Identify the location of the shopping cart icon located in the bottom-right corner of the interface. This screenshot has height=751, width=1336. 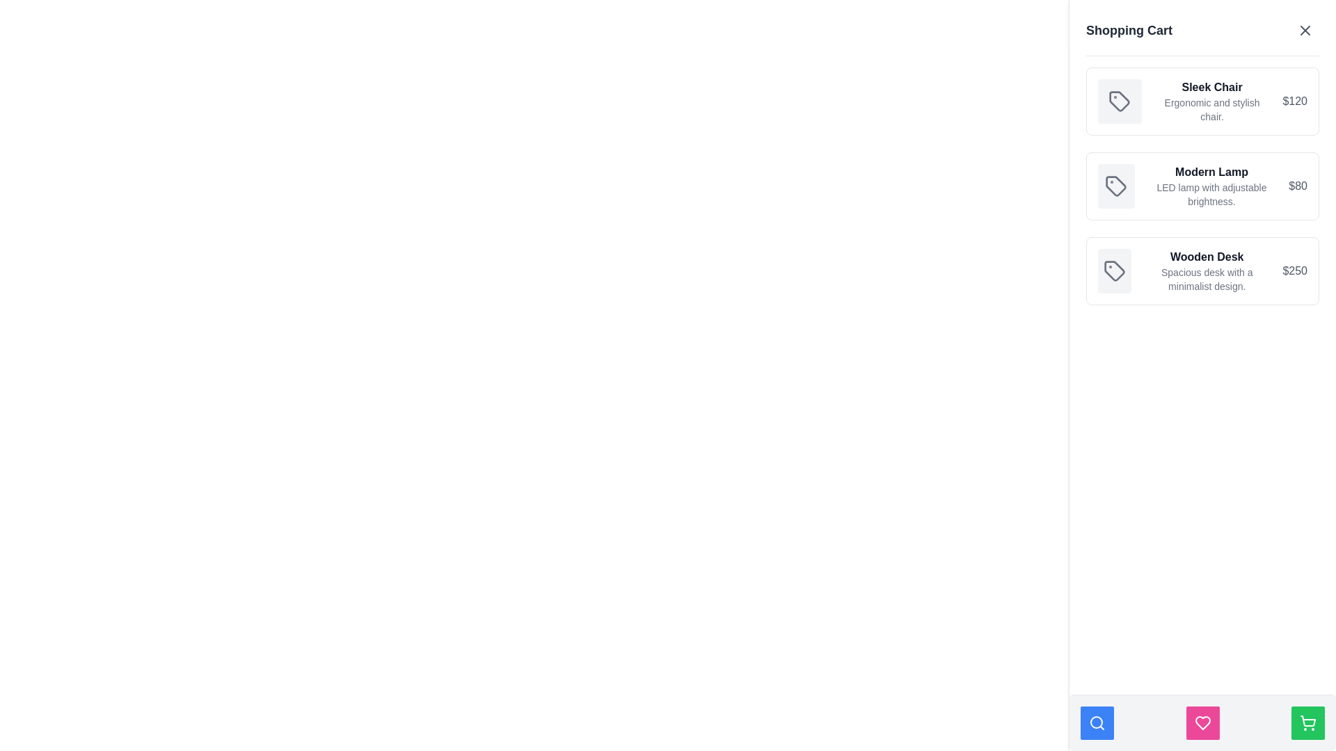
(1307, 720).